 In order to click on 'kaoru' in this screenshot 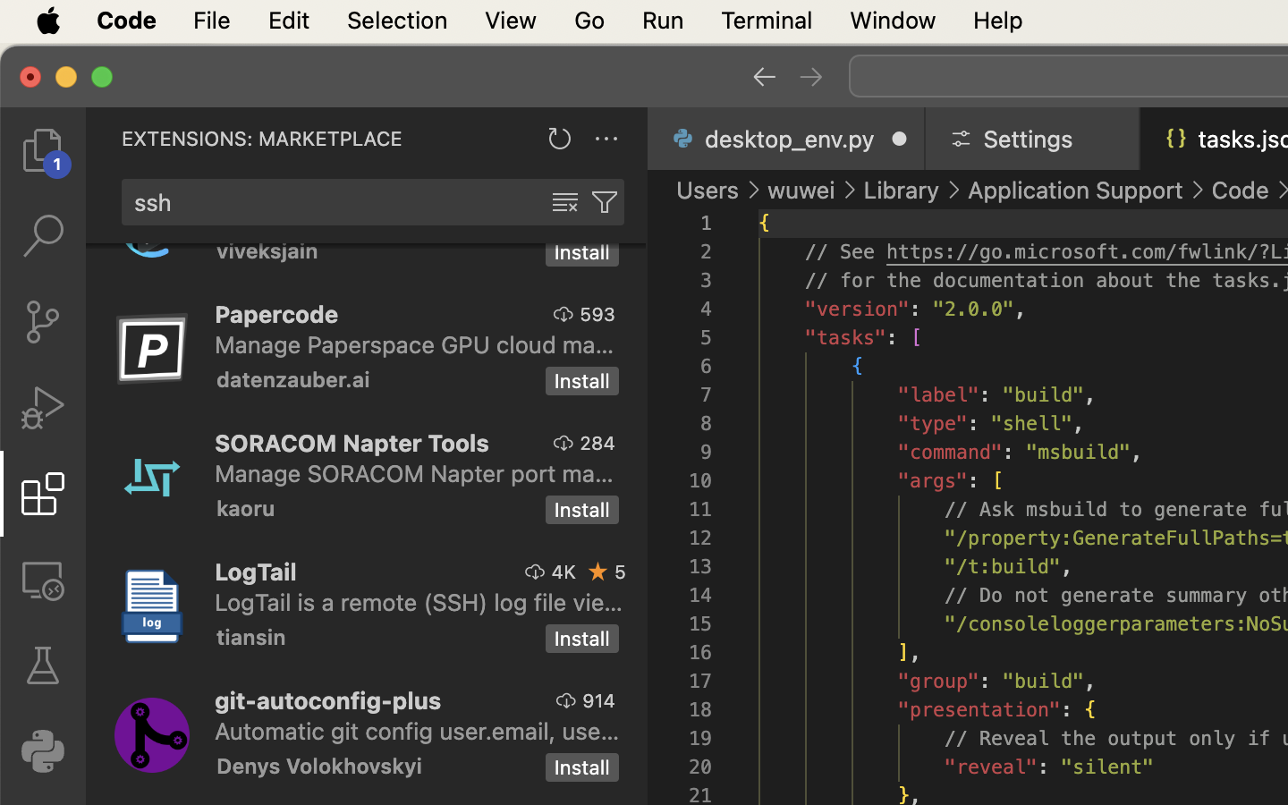, I will do `click(245, 507)`.